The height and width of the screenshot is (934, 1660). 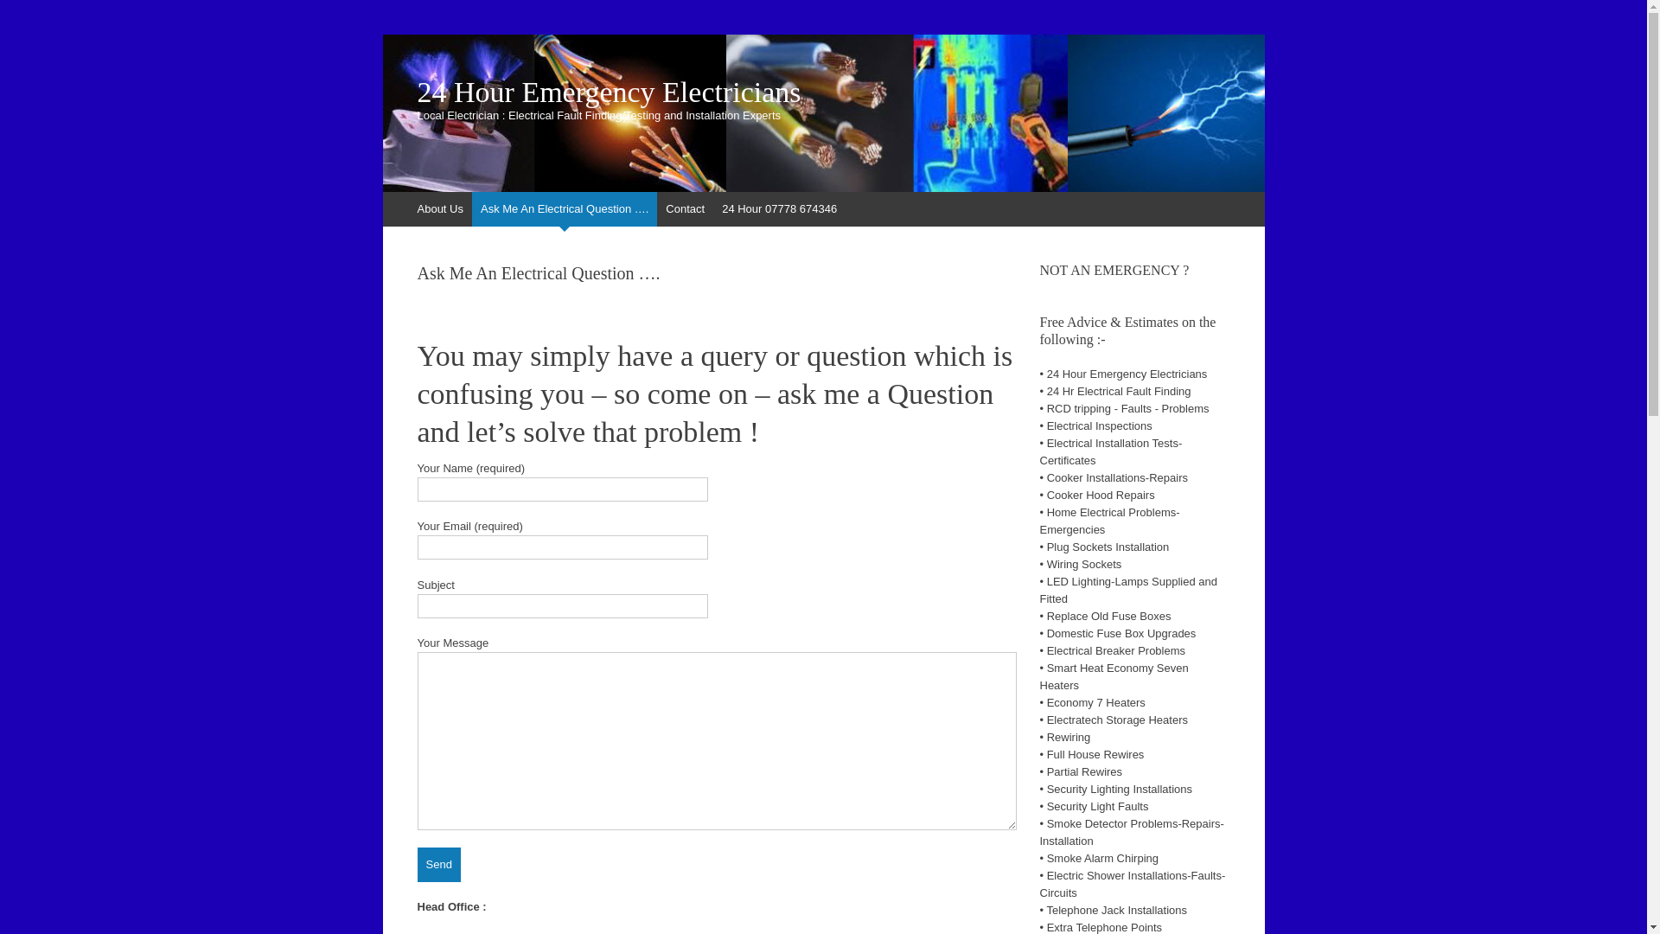 What do you see at coordinates (778, 208) in the screenshot?
I see `'24 Hour 07778 674346'` at bounding box center [778, 208].